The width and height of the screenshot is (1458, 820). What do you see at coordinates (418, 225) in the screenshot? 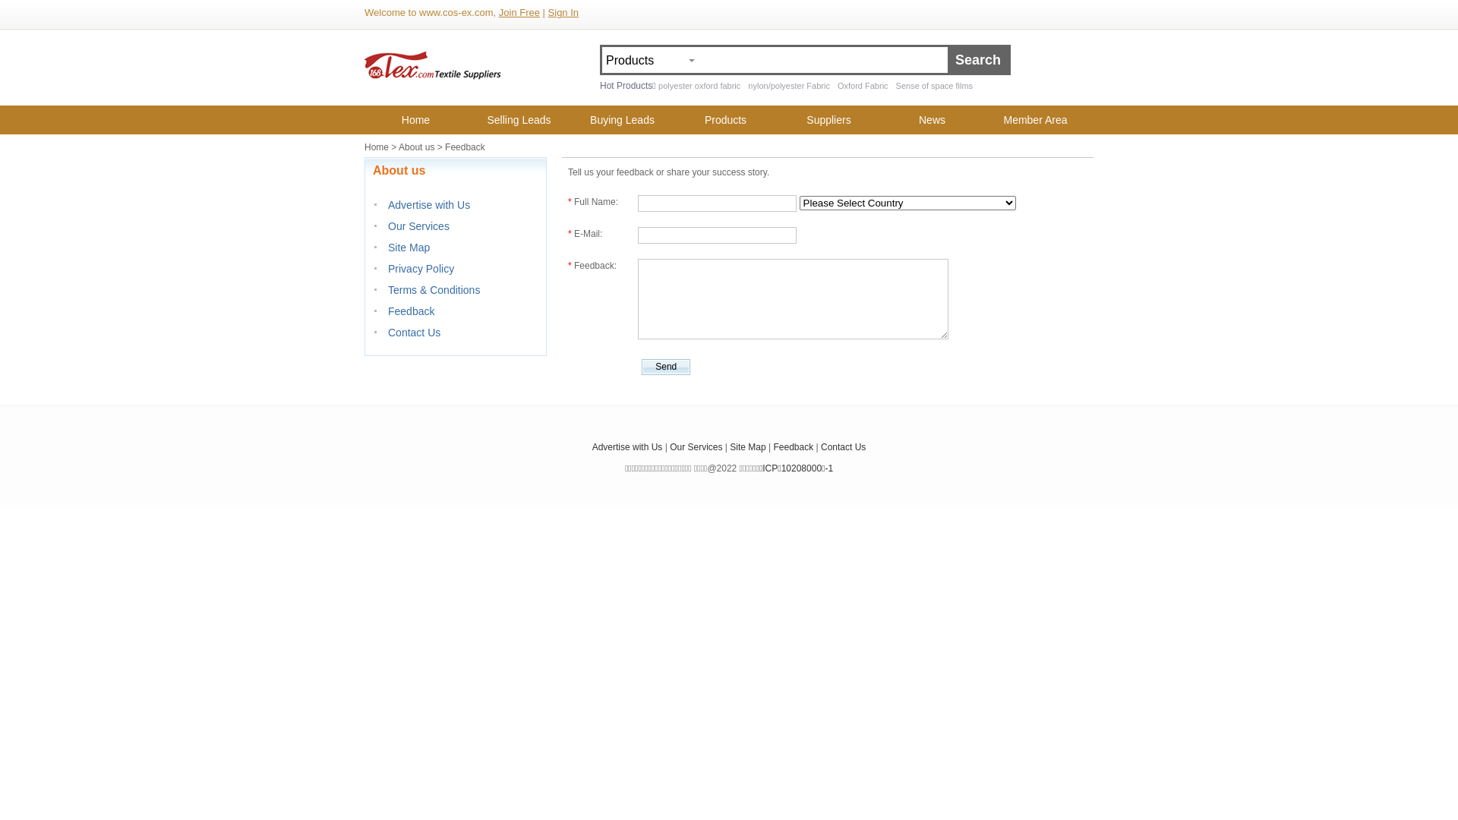
I see `'Our Services'` at bounding box center [418, 225].